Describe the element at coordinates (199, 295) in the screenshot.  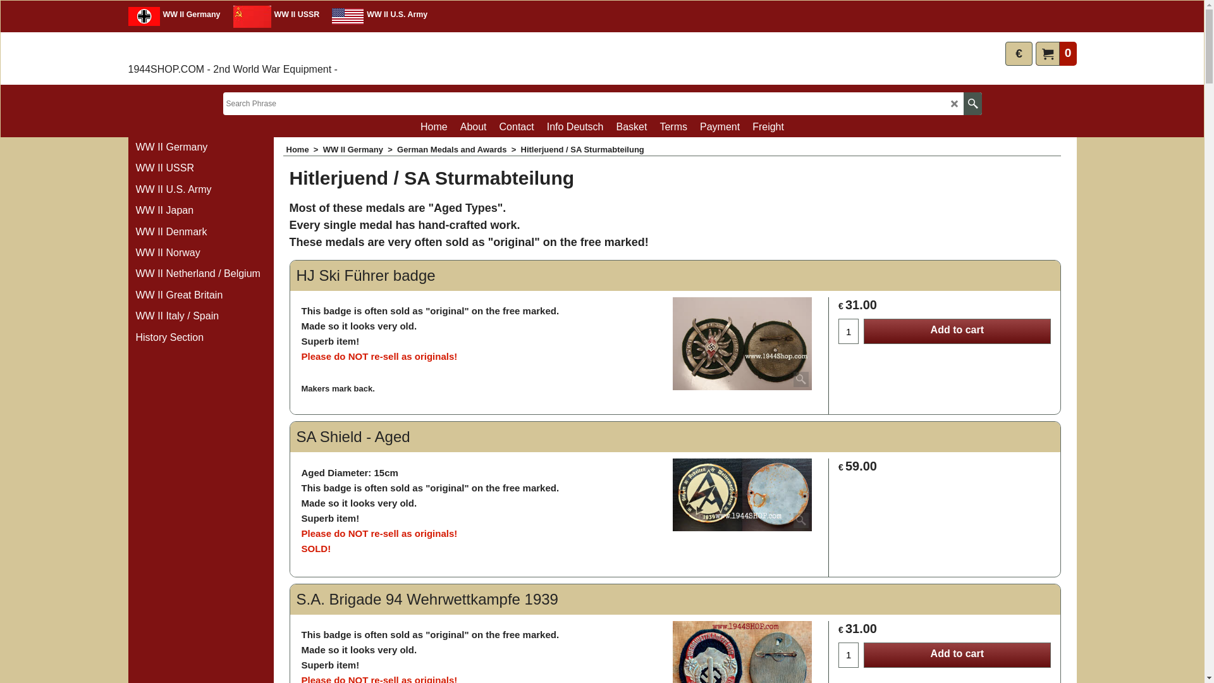
I see `'WW II Great Britain'` at that location.